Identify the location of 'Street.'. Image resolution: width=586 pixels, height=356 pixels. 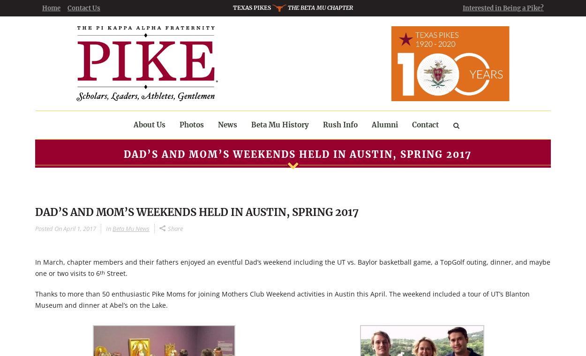
(116, 273).